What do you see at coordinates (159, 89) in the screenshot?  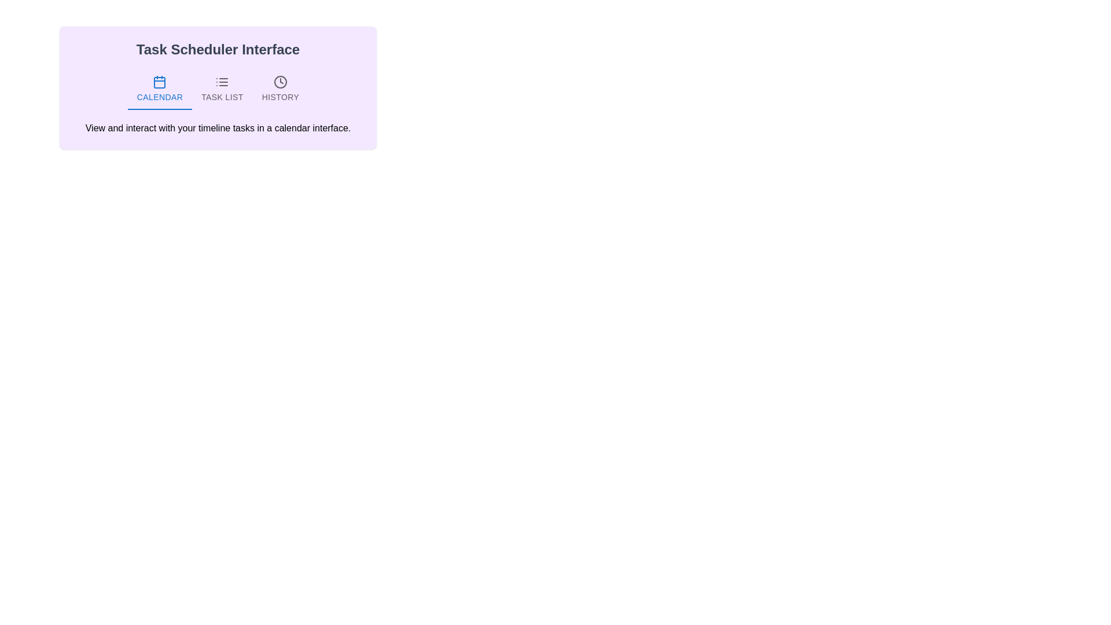 I see `the 'Calendar' tab, which features a calendar icon and is styled in blue to indicate the selected state, located at the leftmost position among the tabs` at bounding box center [159, 89].